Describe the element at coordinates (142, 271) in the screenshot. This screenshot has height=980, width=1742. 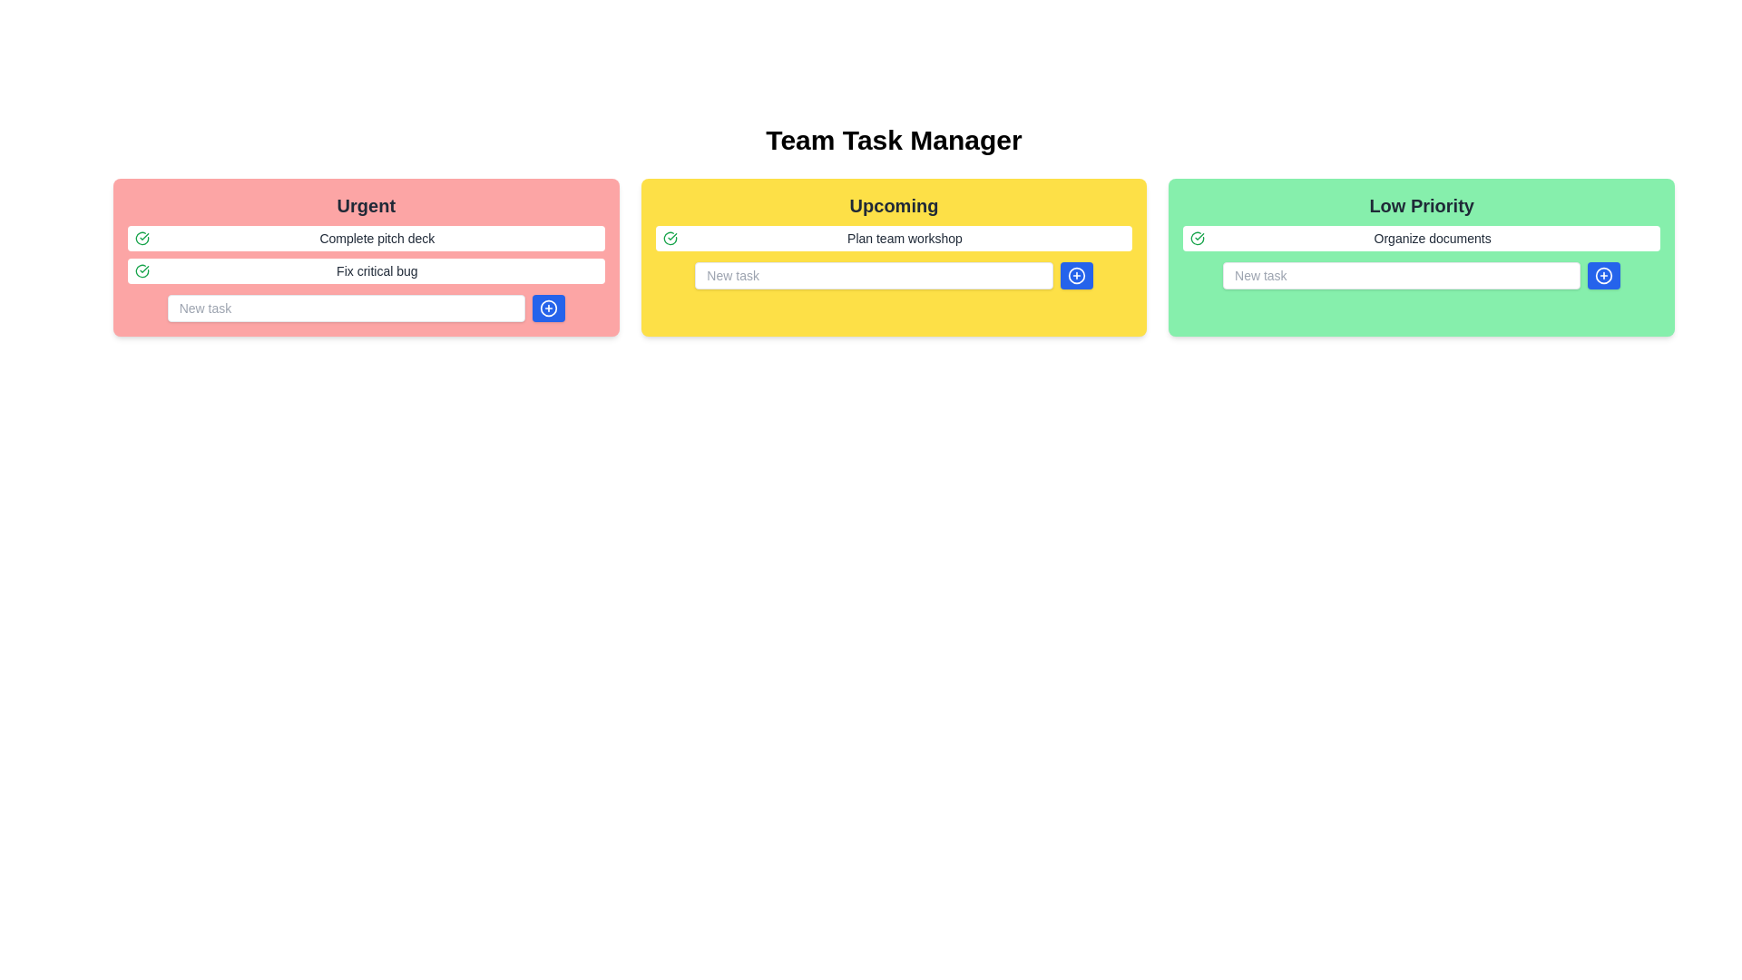
I see `the completion status icon for the task labeled 'Fix critical bug', which is located in the second row under the 'Urgent' column of the task board interface` at that location.